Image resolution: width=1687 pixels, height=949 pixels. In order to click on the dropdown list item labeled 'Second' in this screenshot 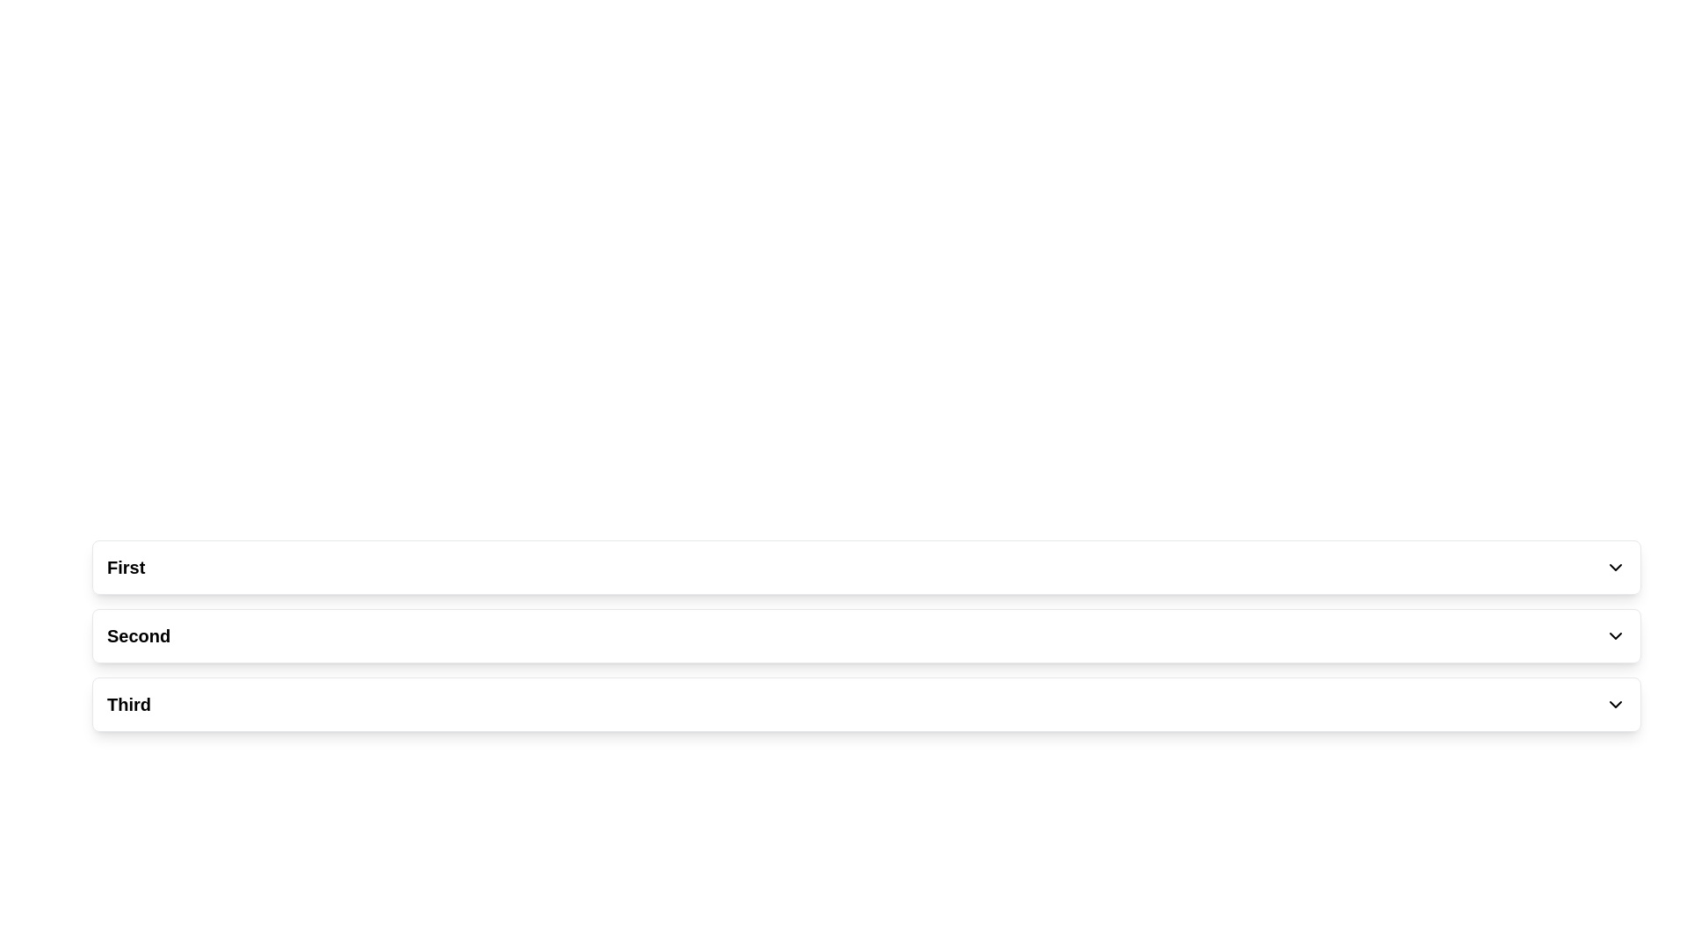, I will do `click(866, 636)`.